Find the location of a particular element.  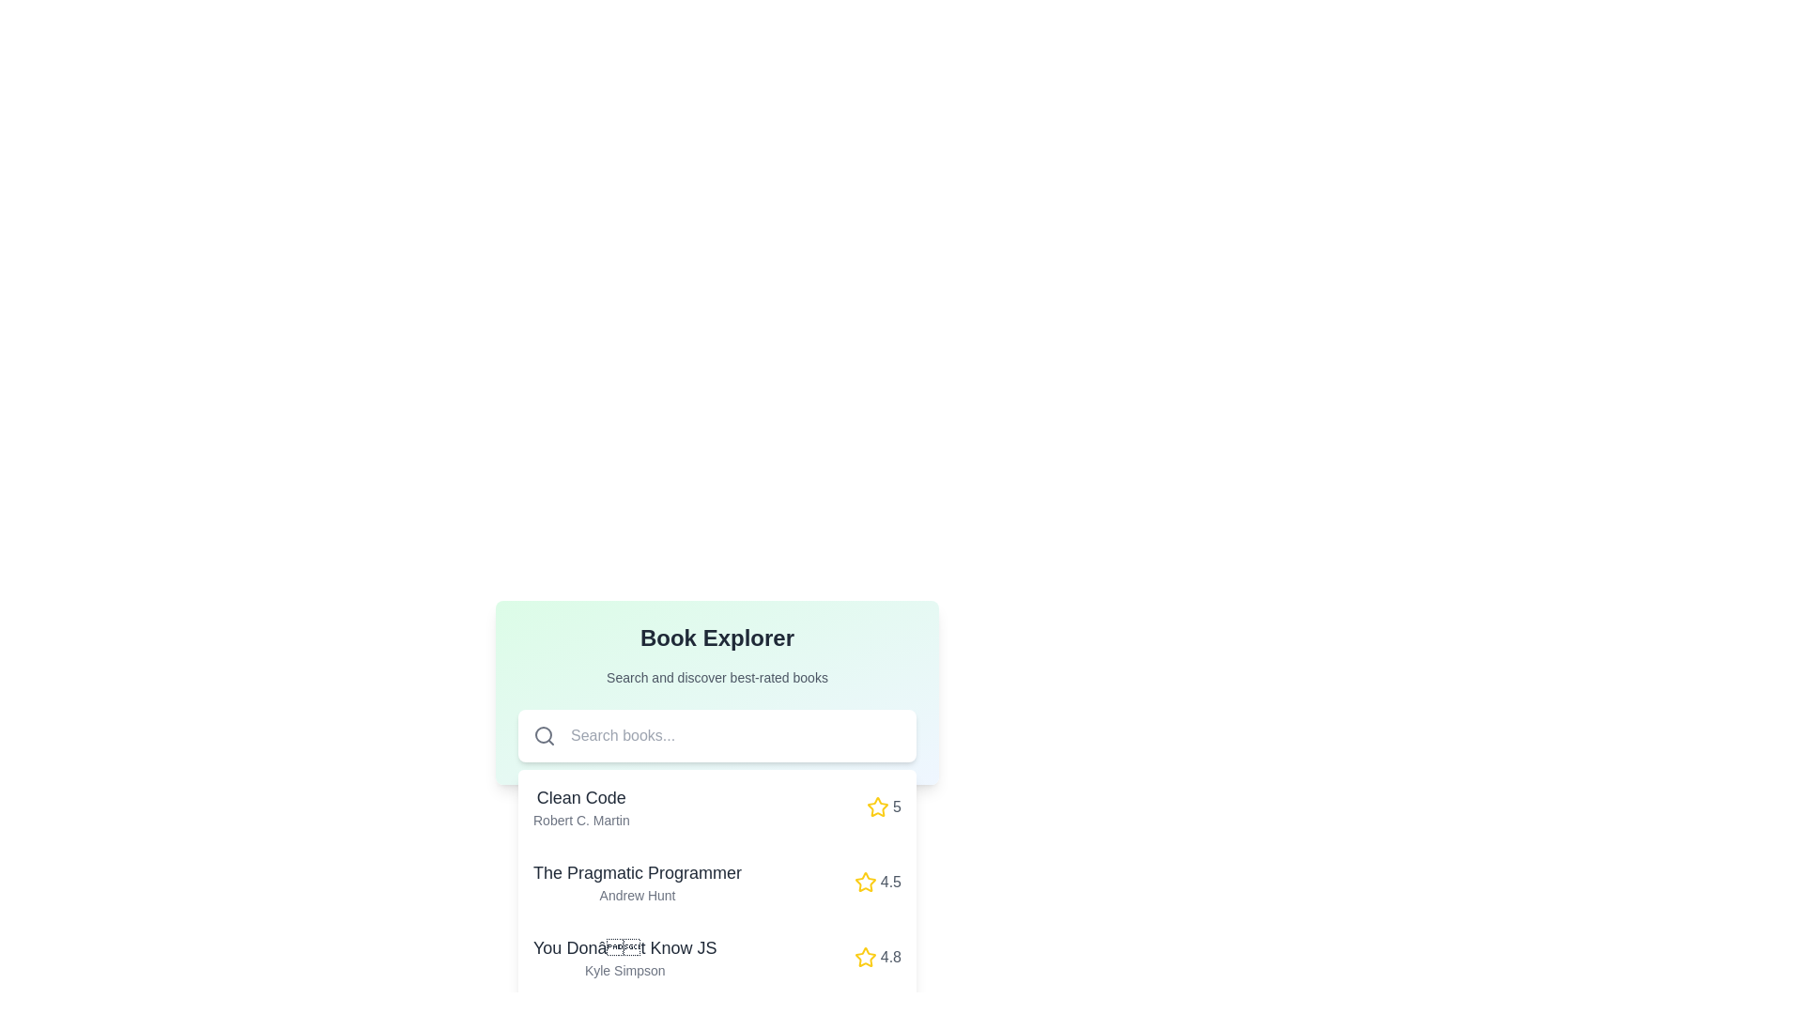

the text element displaying the title 'The Pragmatic Programmer', which is the second book entry in the list, positioned above 'You Don't Know JS' and below 'Clean Code' is located at coordinates (638, 872).